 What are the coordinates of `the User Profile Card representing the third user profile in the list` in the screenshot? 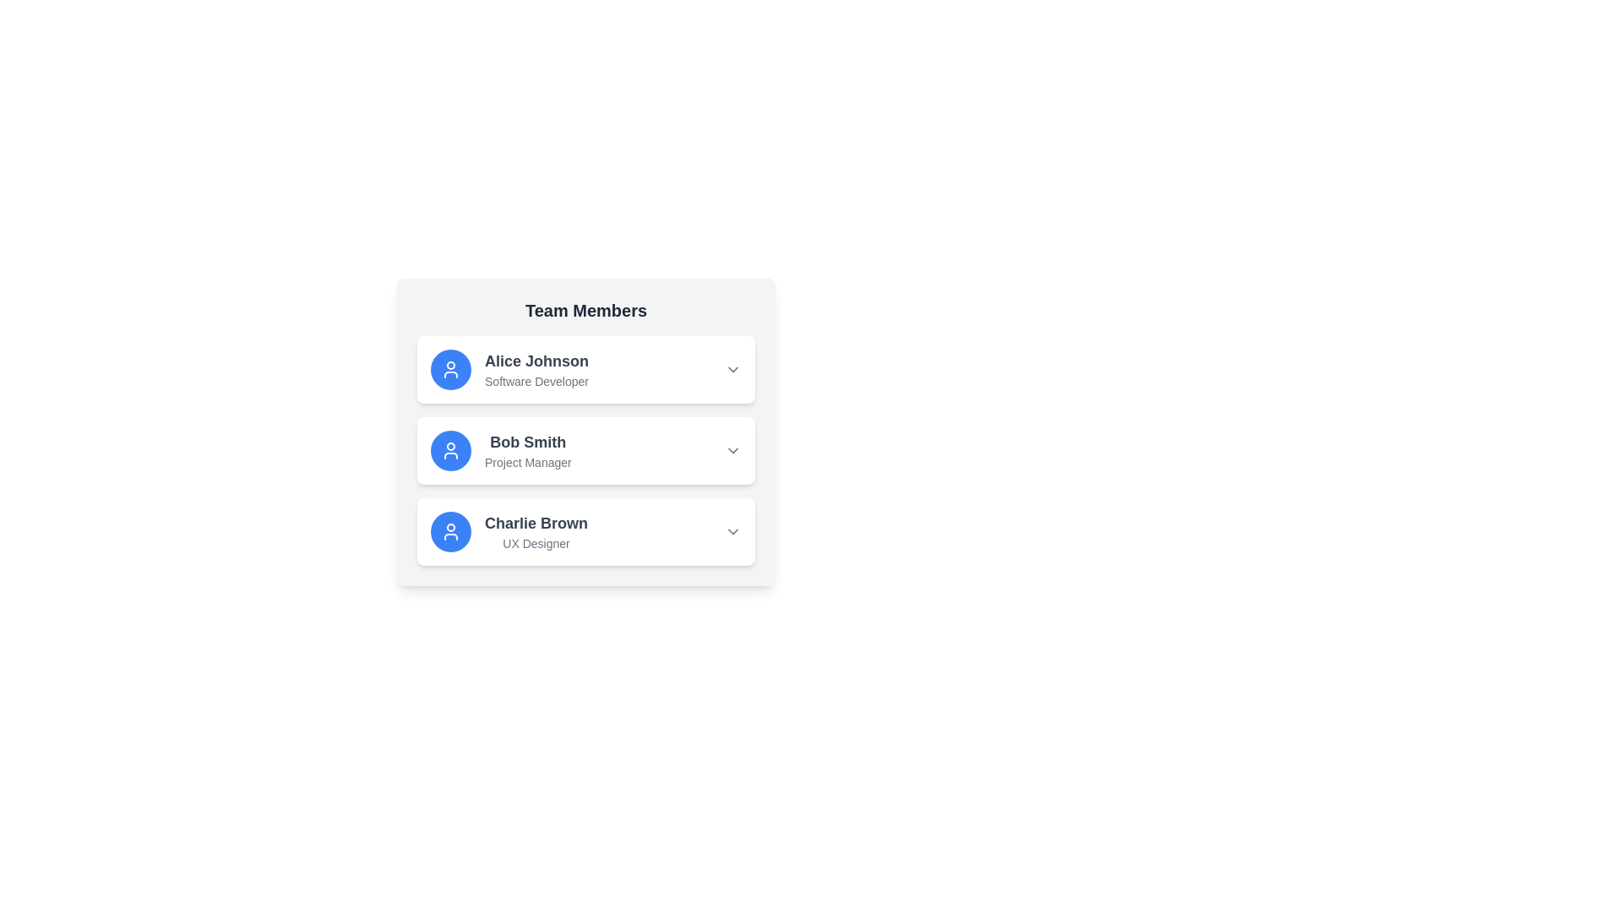 It's located at (509, 530).